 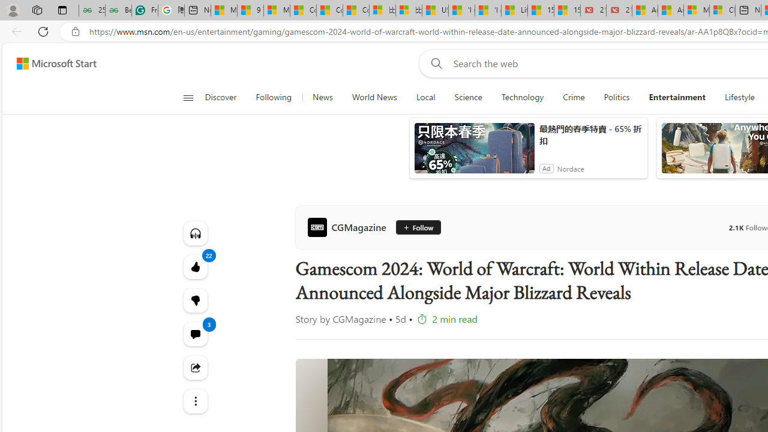 I want to click on 'Science', so click(x=467, y=97).